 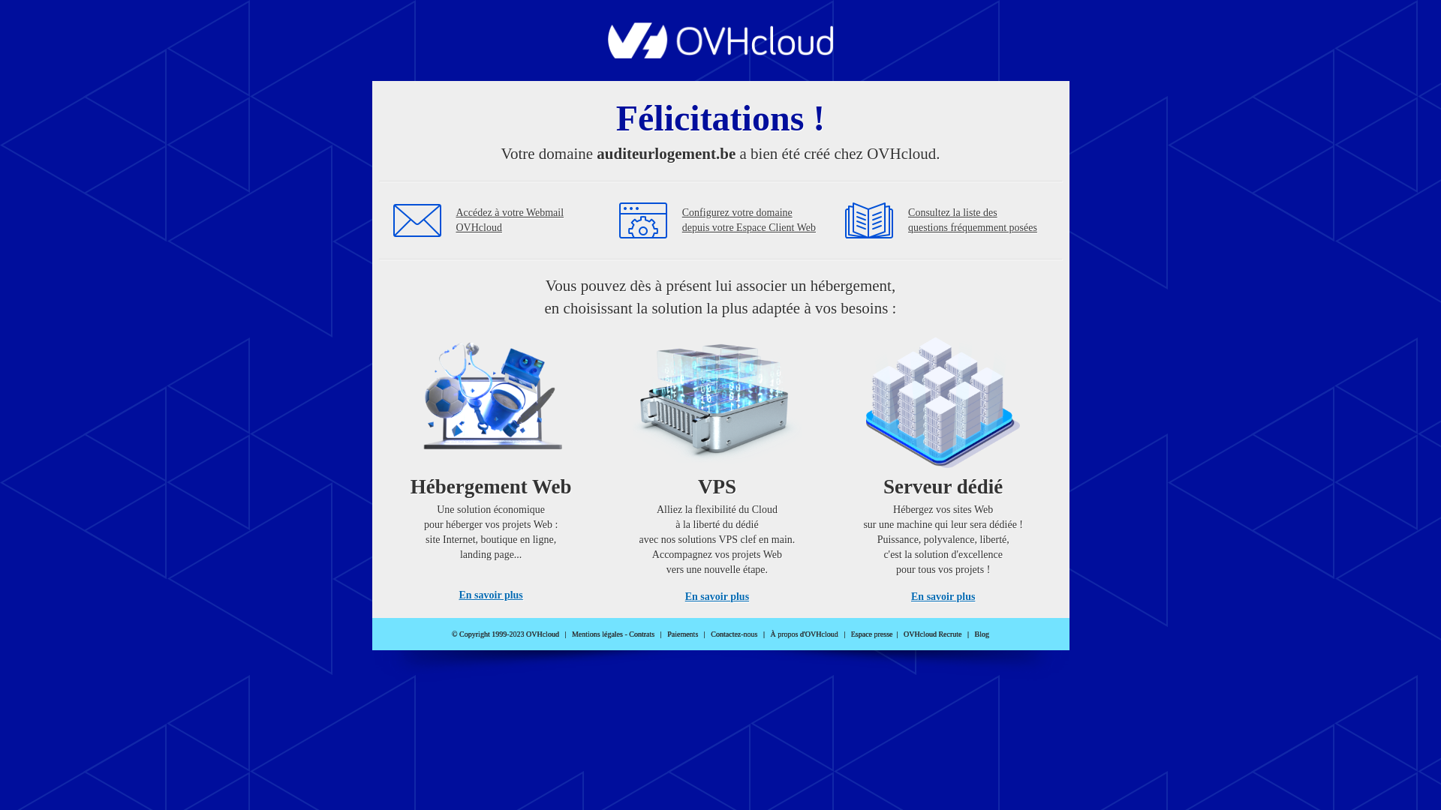 What do you see at coordinates (734, 634) in the screenshot?
I see `'Contactez-nous'` at bounding box center [734, 634].